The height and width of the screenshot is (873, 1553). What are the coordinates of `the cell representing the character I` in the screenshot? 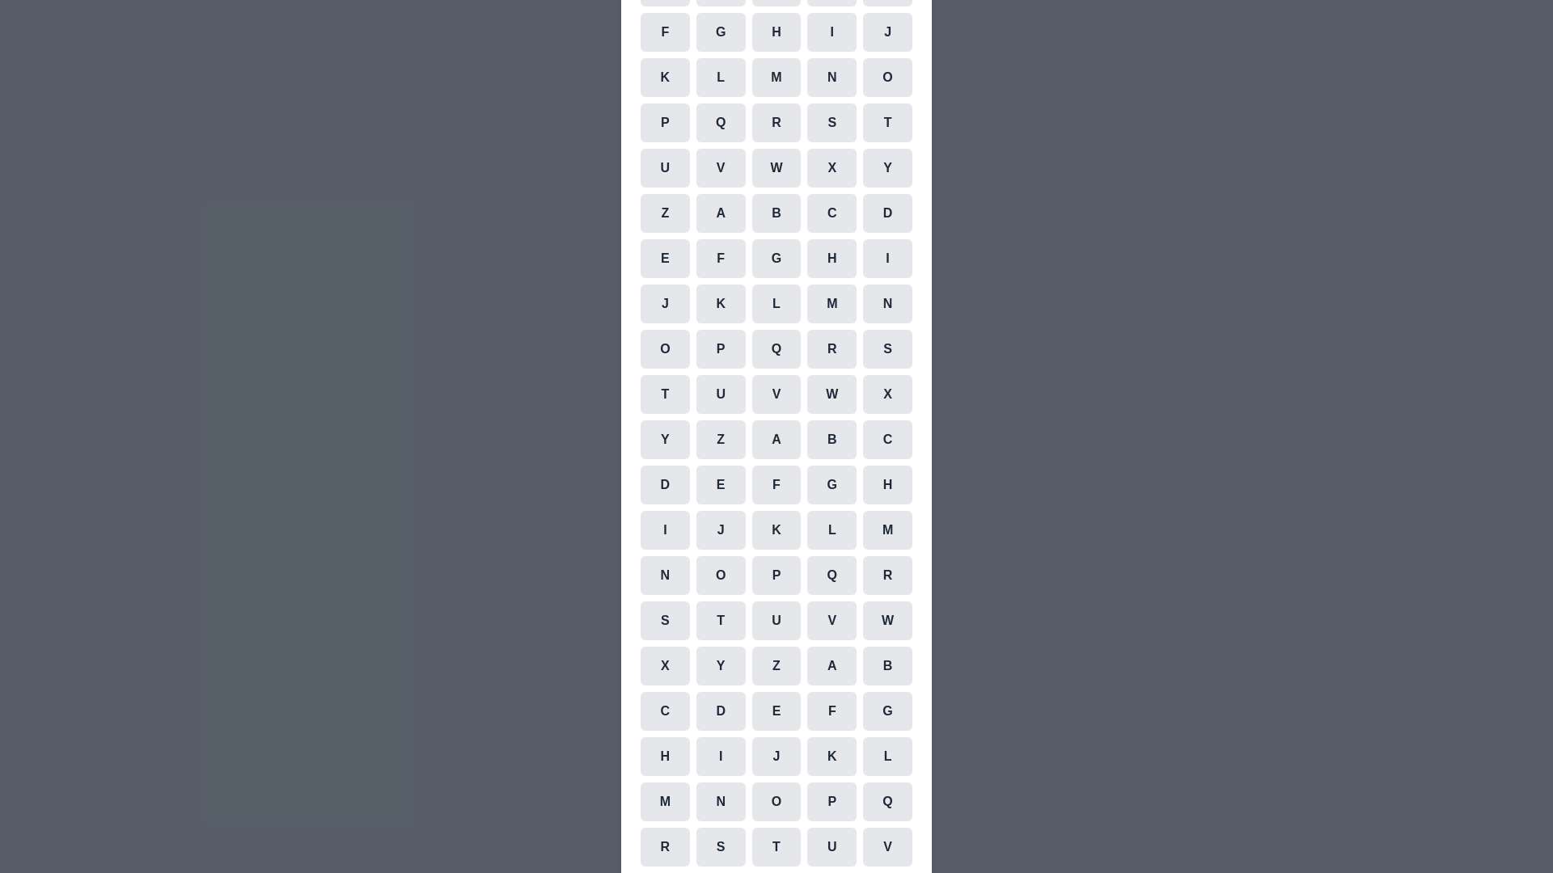 It's located at (832, 32).